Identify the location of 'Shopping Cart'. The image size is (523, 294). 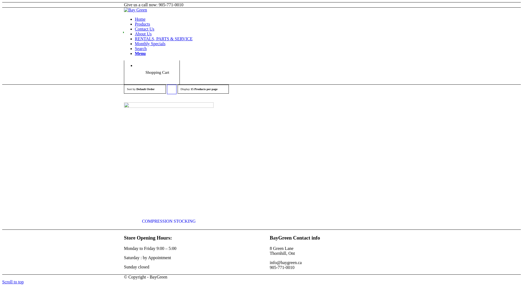
(157, 72).